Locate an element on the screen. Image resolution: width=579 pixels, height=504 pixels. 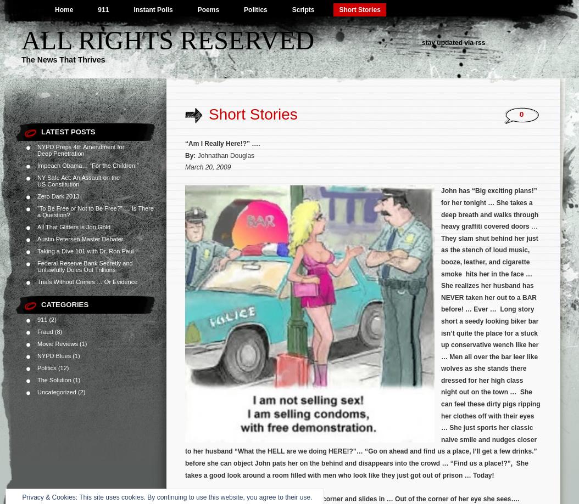
'her classic' is located at coordinates (515, 427).